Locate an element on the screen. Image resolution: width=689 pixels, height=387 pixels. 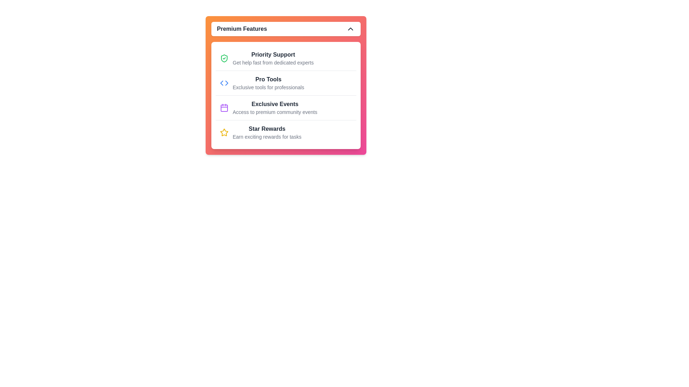
the central portion of the calendar icon located in the third row of the 'Premium Features' card, next to the text 'Exclusive Events' is located at coordinates (224, 108).